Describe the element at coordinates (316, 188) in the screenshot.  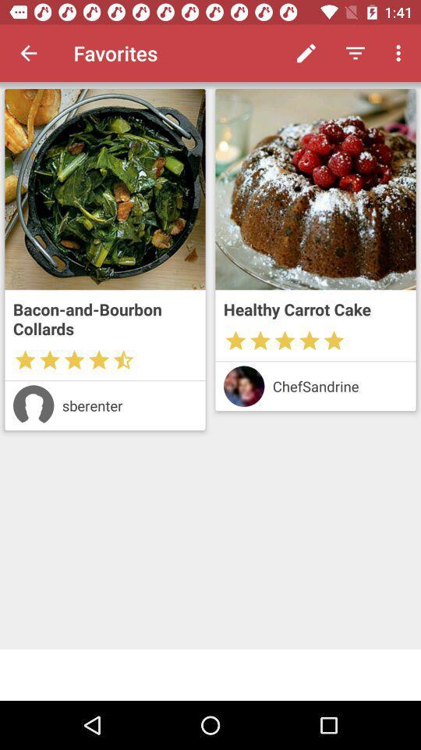
I see `see larger photo` at that location.